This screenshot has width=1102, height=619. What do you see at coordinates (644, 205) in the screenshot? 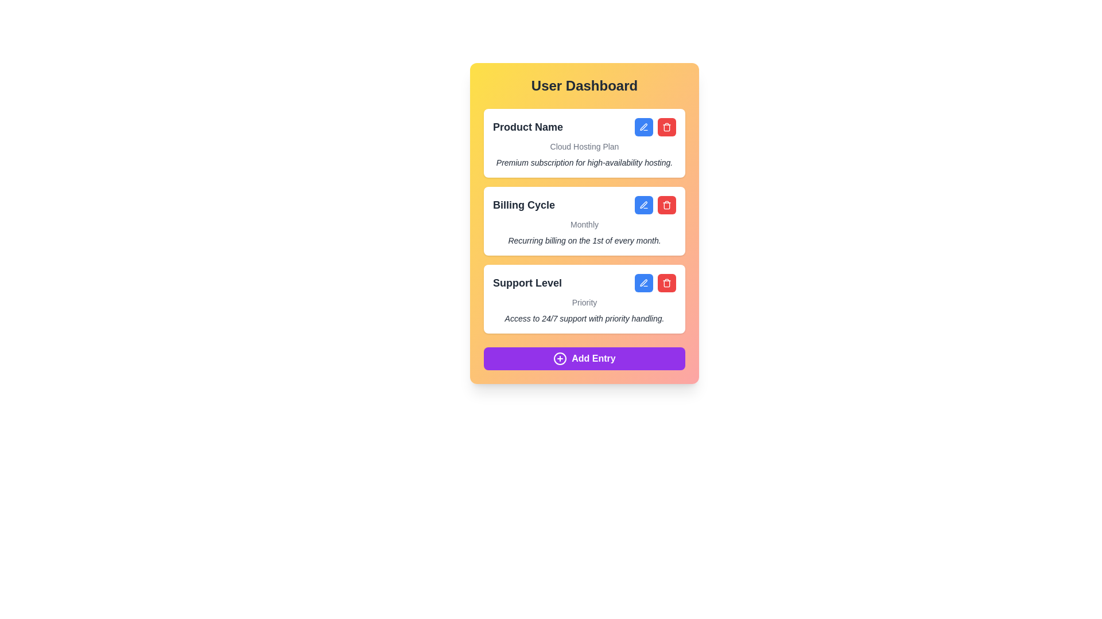
I see `the first interactive button beside the 'Billing Cycle' label` at bounding box center [644, 205].